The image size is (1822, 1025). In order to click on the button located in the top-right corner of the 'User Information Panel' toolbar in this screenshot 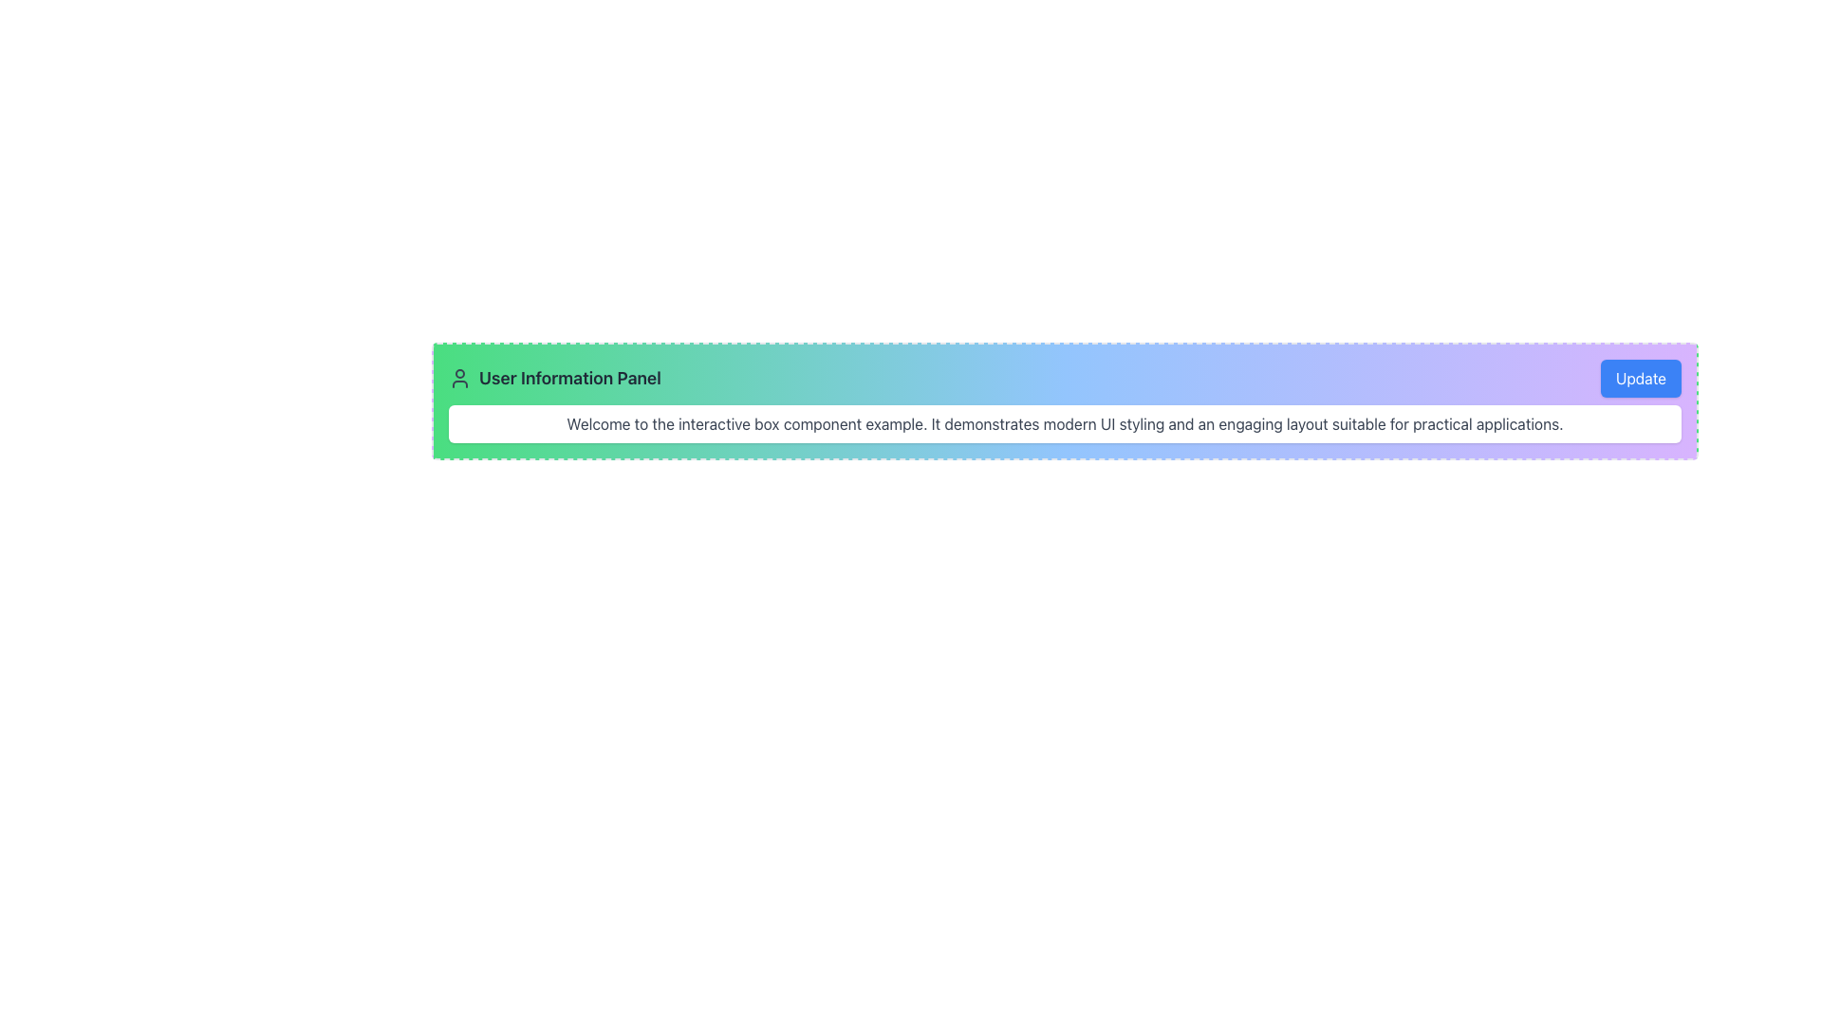, I will do `click(1640, 378)`.